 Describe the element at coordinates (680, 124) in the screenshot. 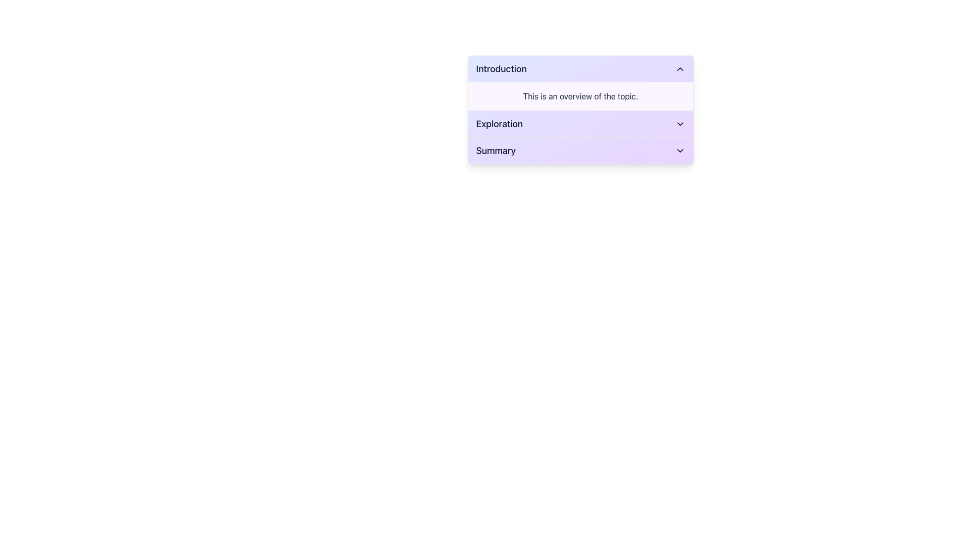

I see `the Dropdown indicator icon located near the rightmost edge of the horizontal bar labeled 'Exploration'` at that location.